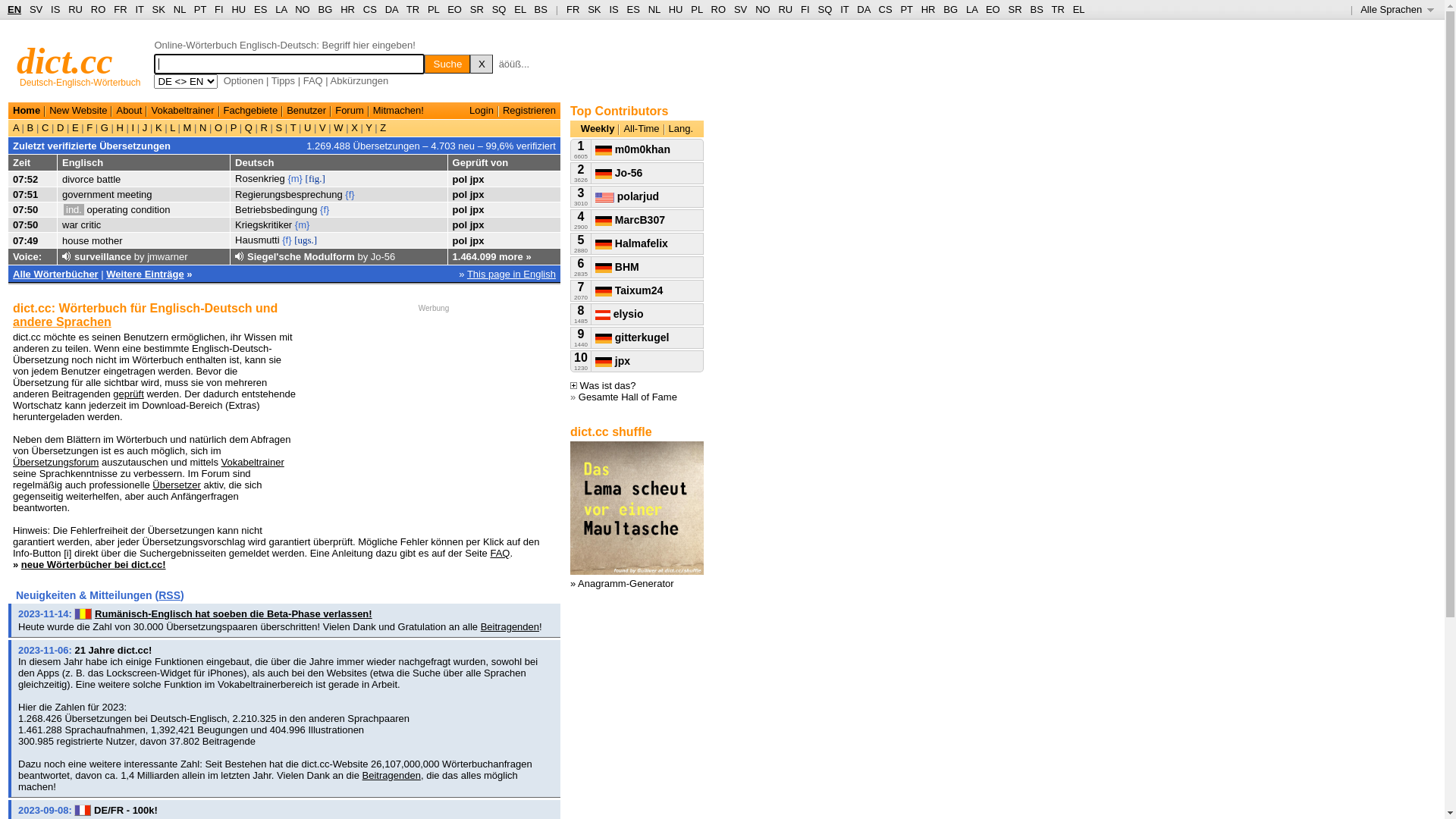 The height and width of the screenshot is (819, 1456). I want to click on 'Suche', so click(447, 63).